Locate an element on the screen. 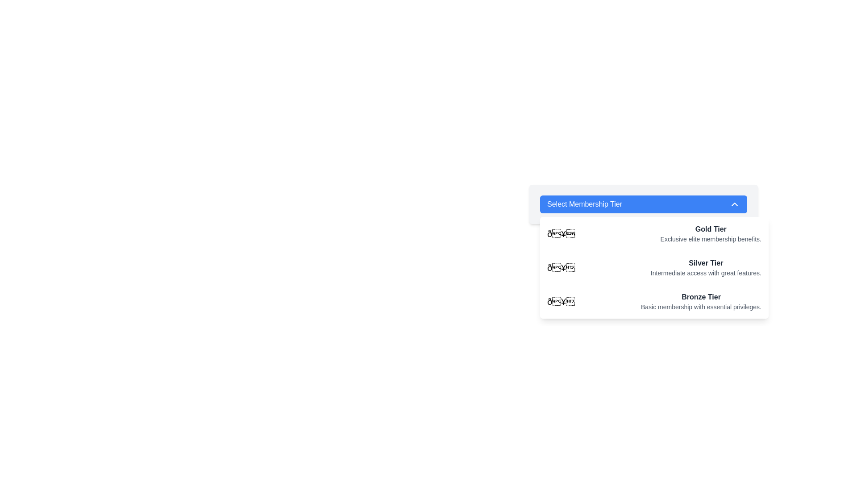 The width and height of the screenshot is (857, 482). the 'Bronze Tier' text label in the 'Select Membership Tier' dropdown menu, which is located at the bottom of the three-item list, directly above the description text 'Basic membership with essential privileges.' is located at coordinates (700, 297).